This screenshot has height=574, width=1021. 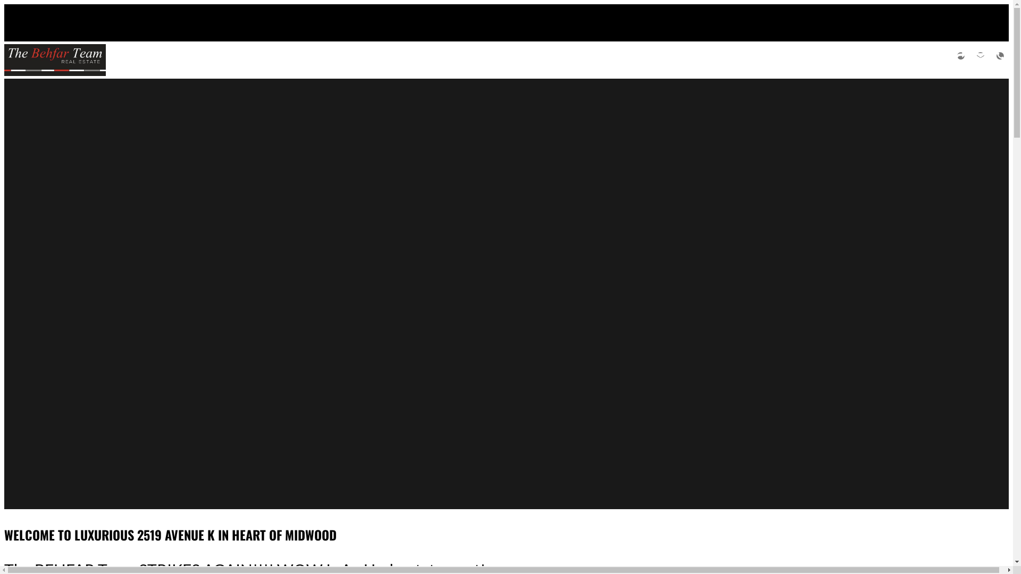 What do you see at coordinates (952, 60) in the screenshot?
I see `'SHARE THIS PAGE'` at bounding box center [952, 60].